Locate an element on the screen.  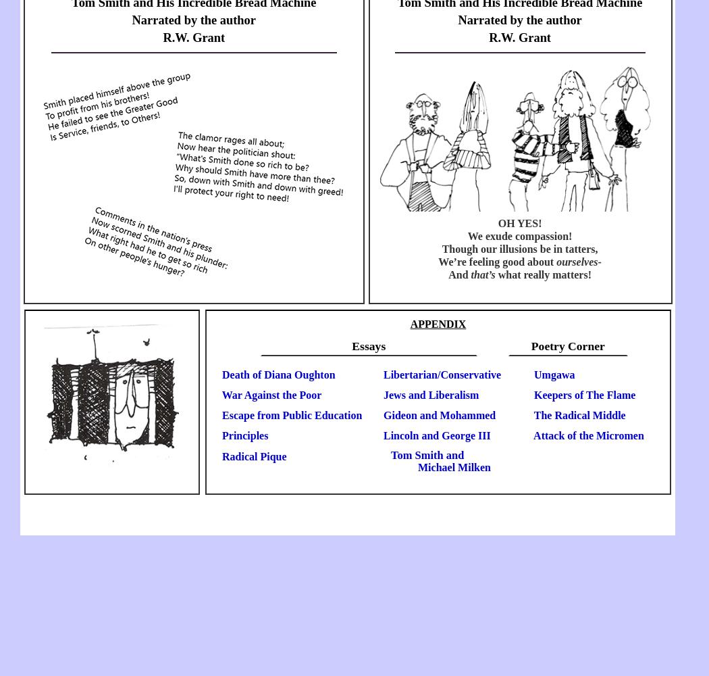
'We exude compassion!' is located at coordinates (519, 235).